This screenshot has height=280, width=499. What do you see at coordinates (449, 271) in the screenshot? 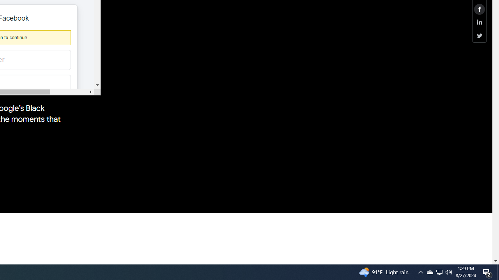
I see `'User Promoted Notification Area'` at bounding box center [449, 271].